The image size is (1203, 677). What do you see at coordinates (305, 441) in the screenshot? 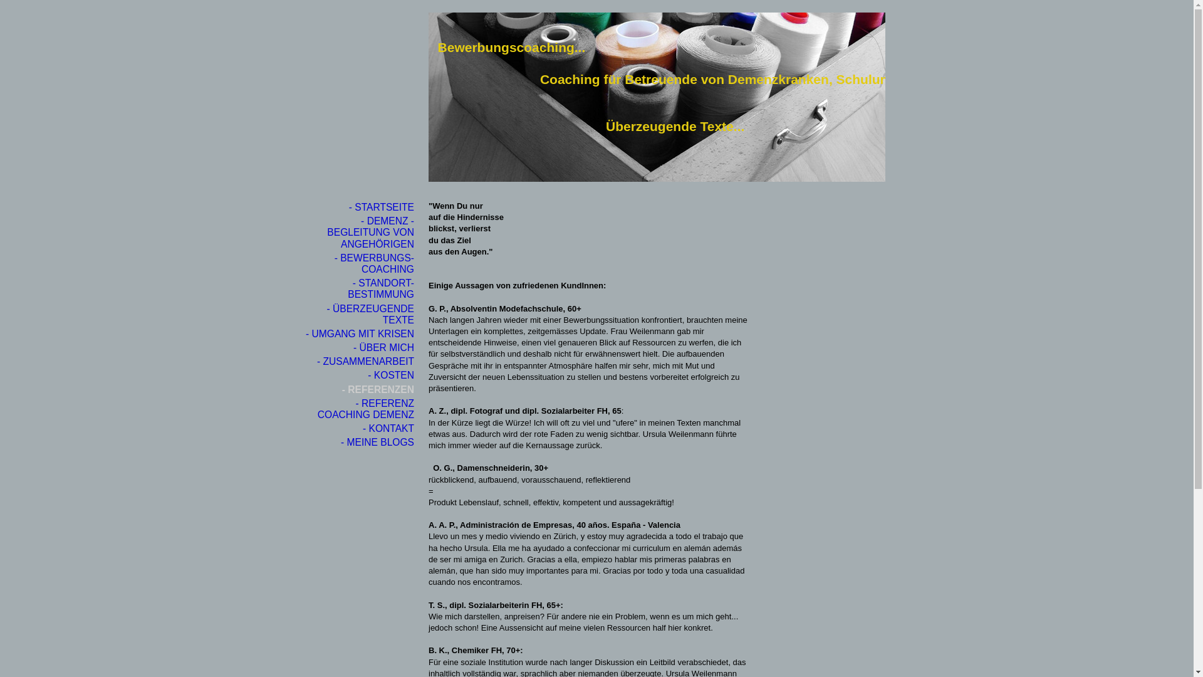
I see `'- MEINE BLOGS'` at bounding box center [305, 441].